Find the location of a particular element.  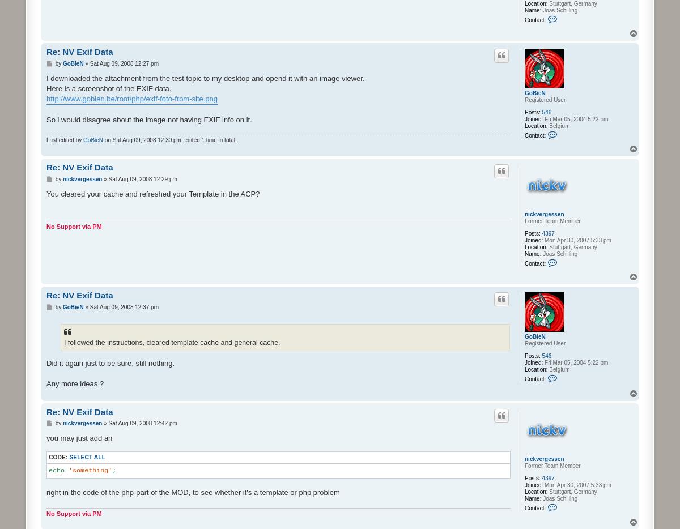

'Any more ideas ?' is located at coordinates (75, 383).